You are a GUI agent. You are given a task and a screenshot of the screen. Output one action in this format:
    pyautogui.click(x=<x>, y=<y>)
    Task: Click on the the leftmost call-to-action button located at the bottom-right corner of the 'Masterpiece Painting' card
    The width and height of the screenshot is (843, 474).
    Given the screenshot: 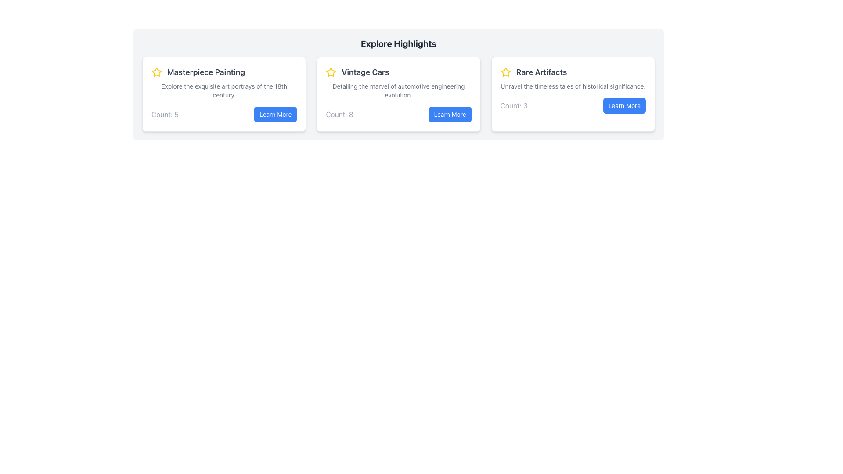 What is the action you would take?
    pyautogui.click(x=275, y=114)
    